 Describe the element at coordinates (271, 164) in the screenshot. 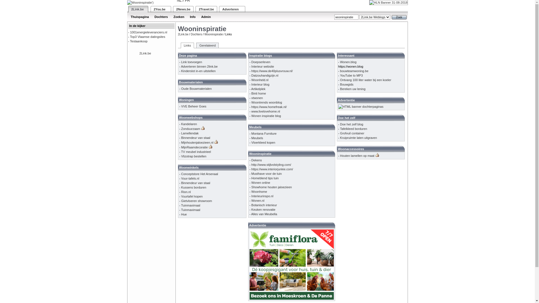

I see `'http://www.stijlvolstyling.com/'` at that location.